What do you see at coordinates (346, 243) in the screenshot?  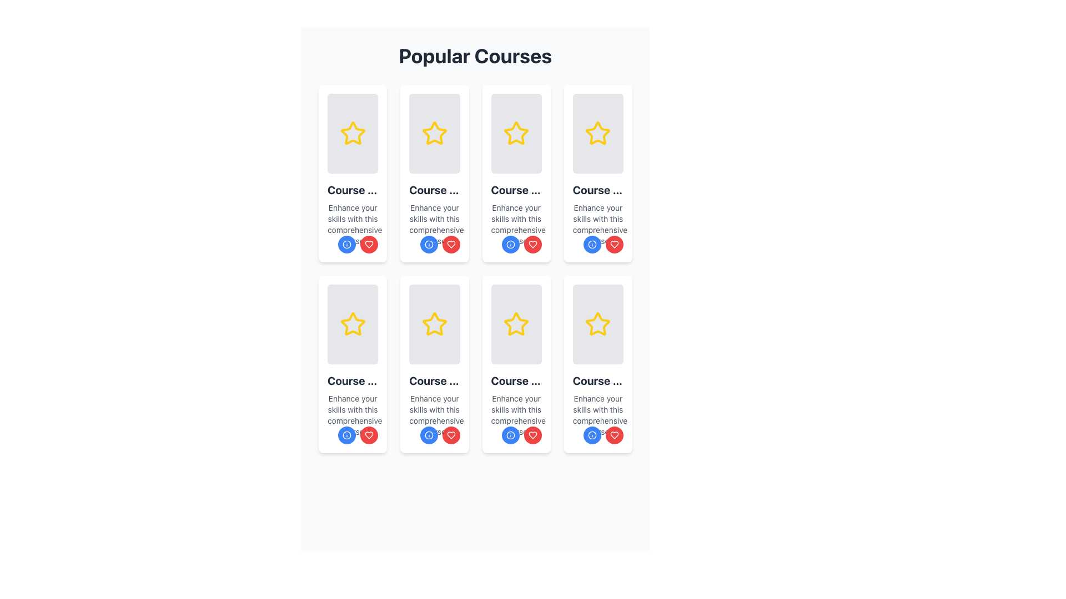 I see `the information icon located in the lower-left corner of the course card in the 'Popular Courses' grid layout` at bounding box center [346, 243].